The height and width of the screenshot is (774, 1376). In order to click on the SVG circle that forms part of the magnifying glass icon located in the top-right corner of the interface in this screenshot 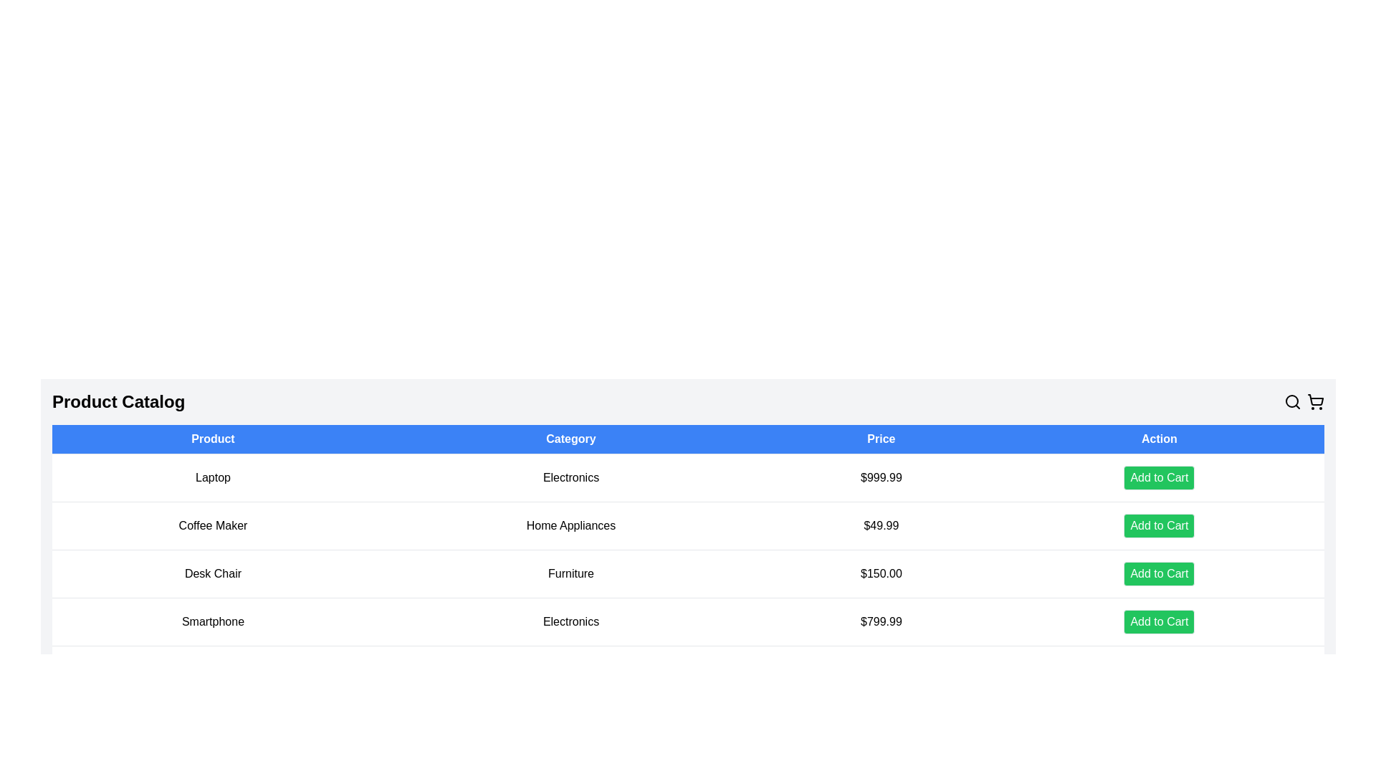, I will do `click(1292, 401)`.